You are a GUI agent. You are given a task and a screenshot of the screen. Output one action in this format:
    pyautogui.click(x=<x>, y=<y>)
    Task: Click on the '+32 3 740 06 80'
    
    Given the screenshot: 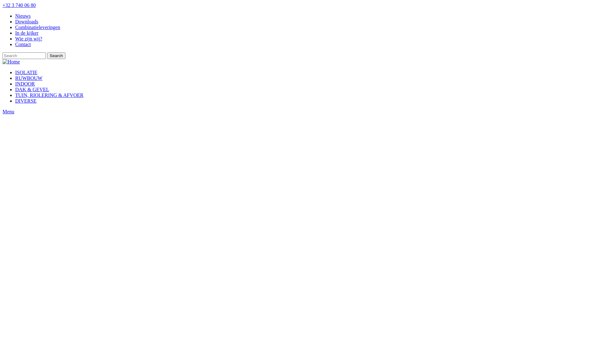 What is the action you would take?
    pyautogui.click(x=3, y=5)
    